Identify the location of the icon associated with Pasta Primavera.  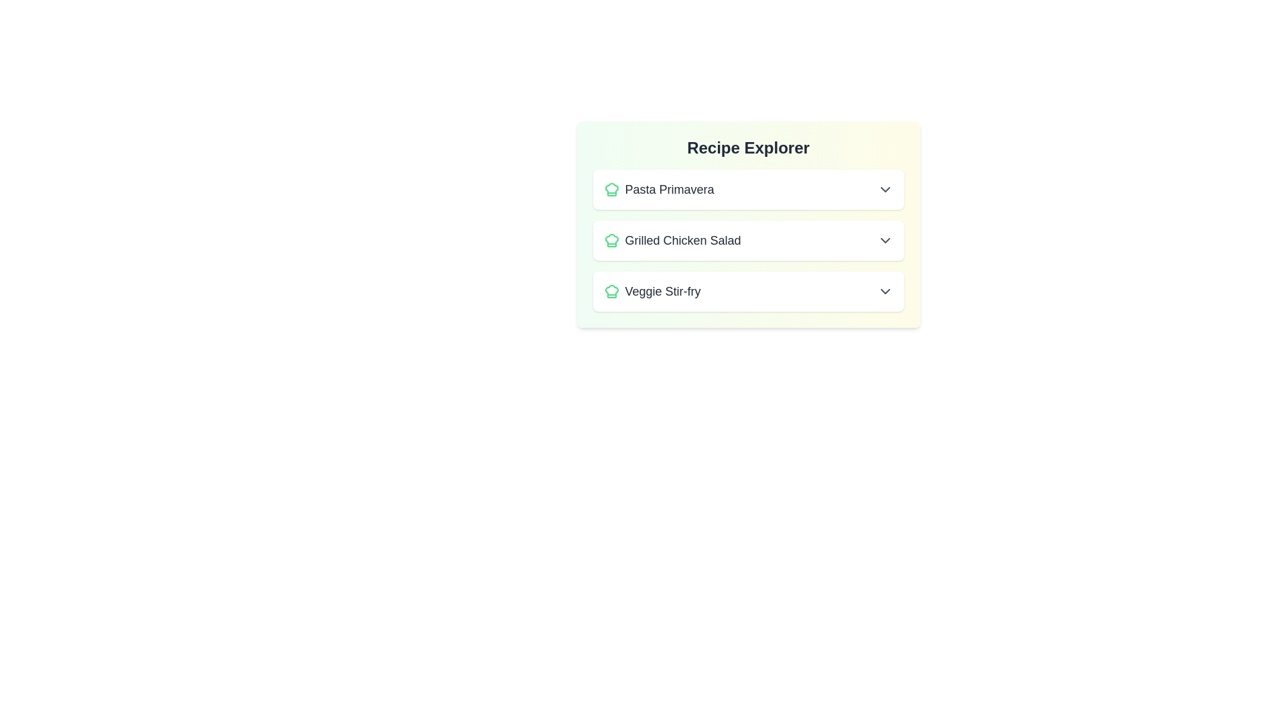
(611, 189).